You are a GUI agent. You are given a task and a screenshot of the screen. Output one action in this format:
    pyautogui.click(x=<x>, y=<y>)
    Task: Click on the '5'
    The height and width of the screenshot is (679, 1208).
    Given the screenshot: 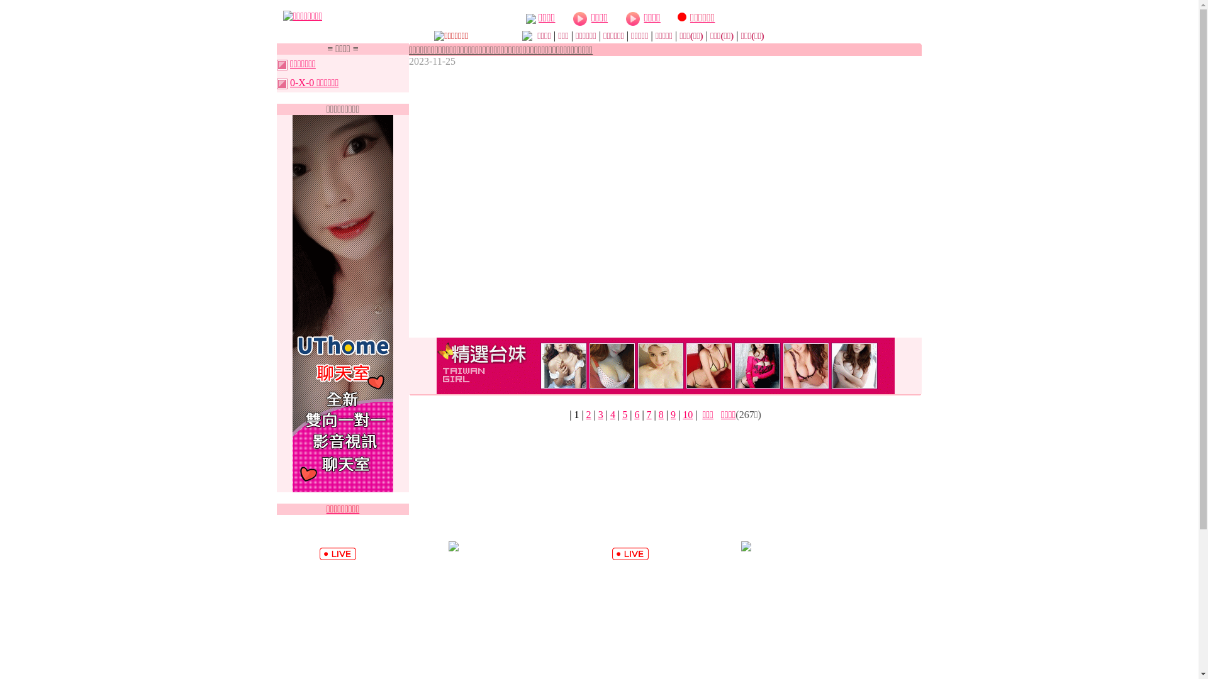 What is the action you would take?
    pyautogui.click(x=625, y=414)
    